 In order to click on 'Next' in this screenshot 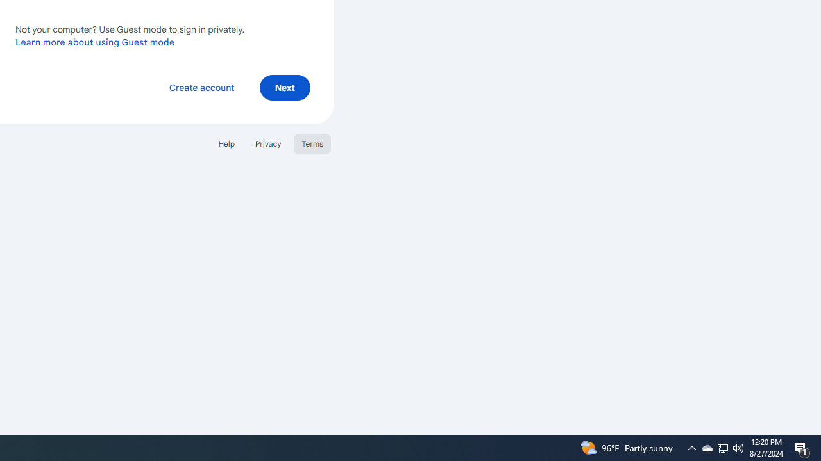, I will do `click(284, 86)`.